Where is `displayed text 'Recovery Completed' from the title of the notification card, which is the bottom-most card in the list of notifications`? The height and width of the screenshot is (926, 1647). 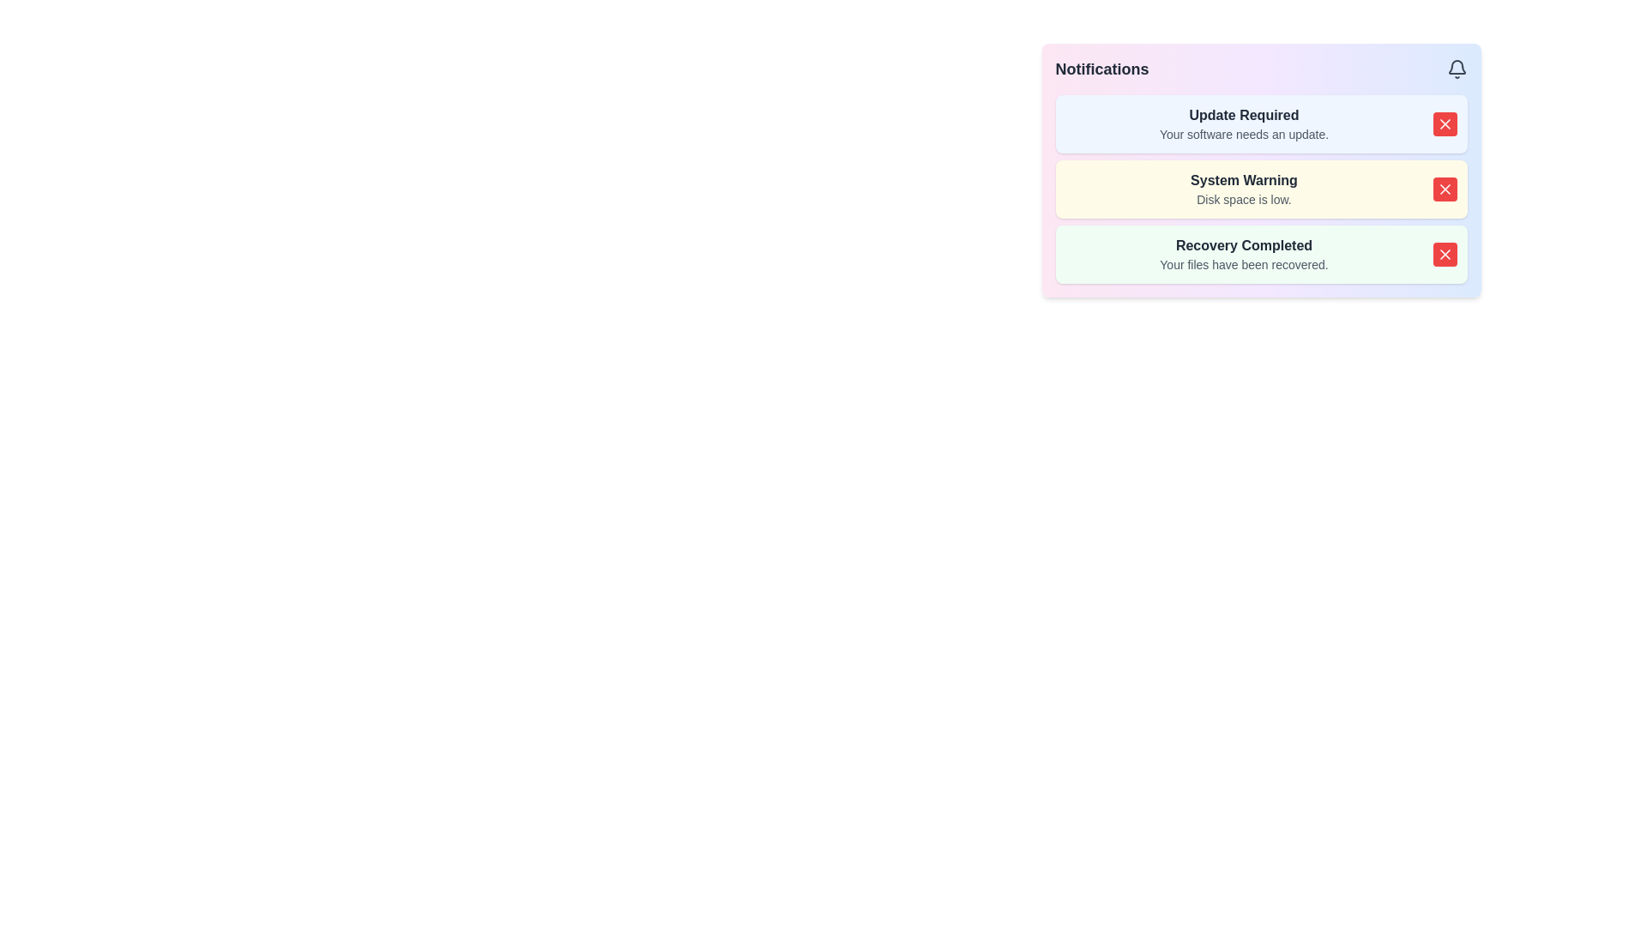
displayed text 'Recovery Completed' from the title of the notification card, which is the bottom-most card in the list of notifications is located at coordinates (1244, 245).